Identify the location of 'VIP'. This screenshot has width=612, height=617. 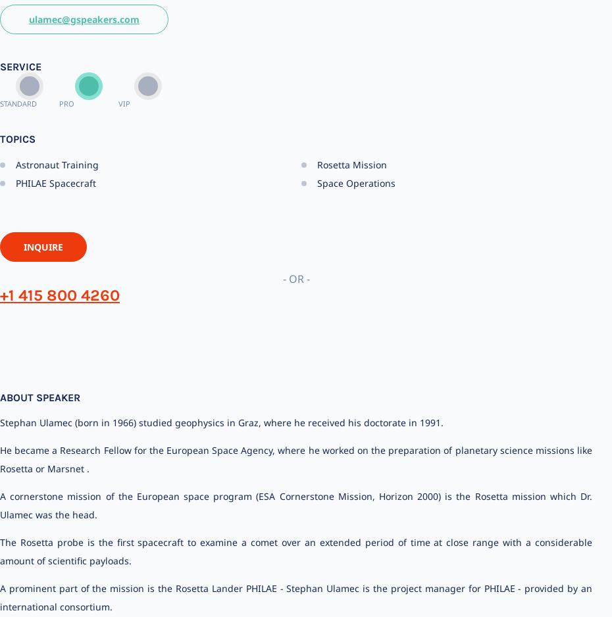
(123, 103).